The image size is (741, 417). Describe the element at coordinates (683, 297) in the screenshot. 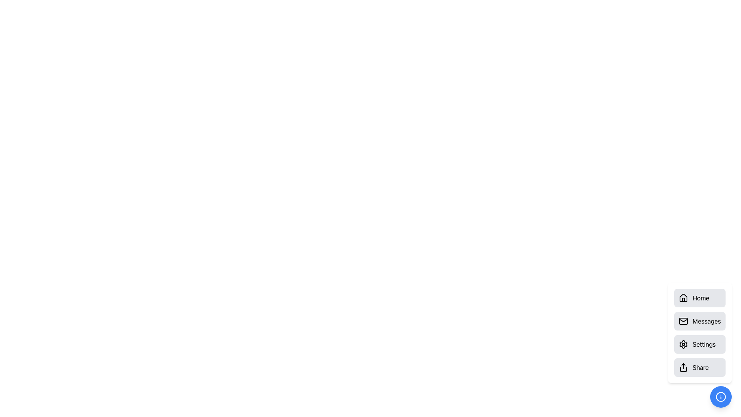

I see `the 'Home' icon, which is the roof outline of a house, located at the top part of the side menu next to the 'Home' label` at that location.